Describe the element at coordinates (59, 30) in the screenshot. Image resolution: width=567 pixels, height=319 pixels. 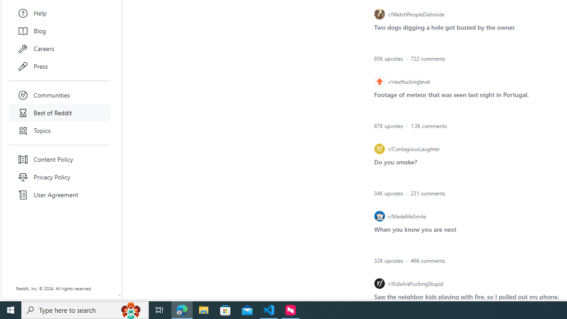
I see `'Blog'` at that location.